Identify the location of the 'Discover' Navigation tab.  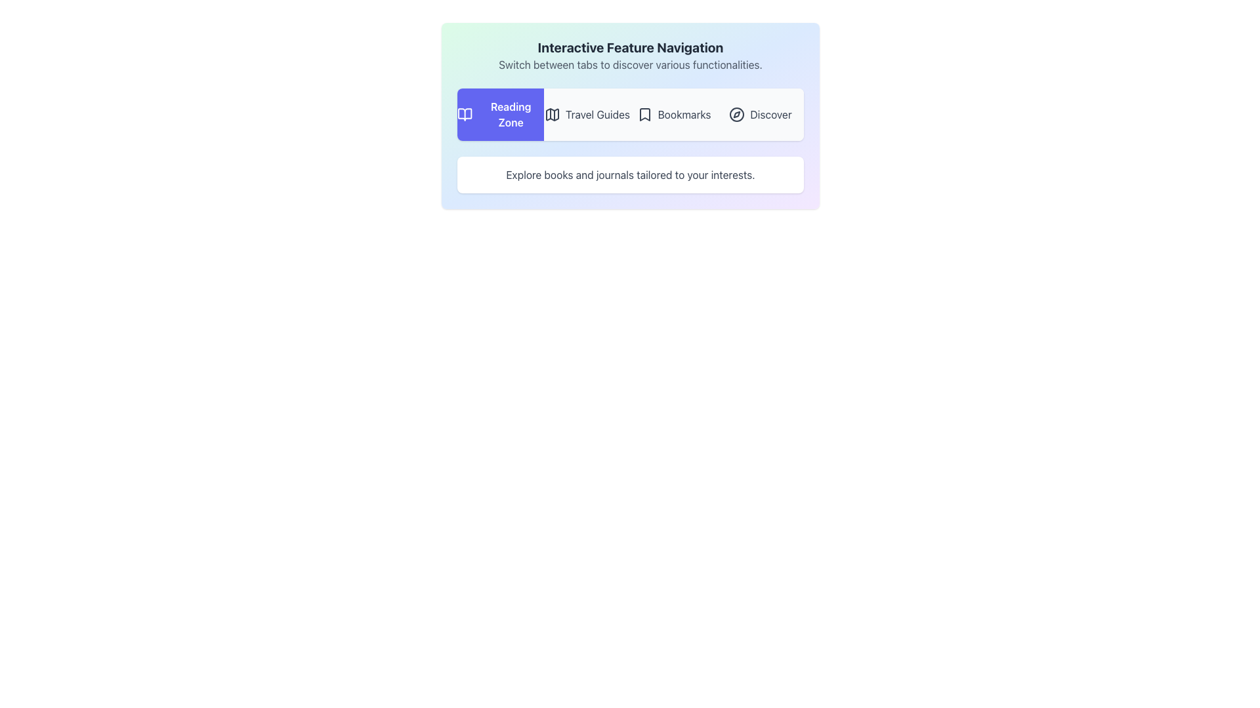
(760, 113).